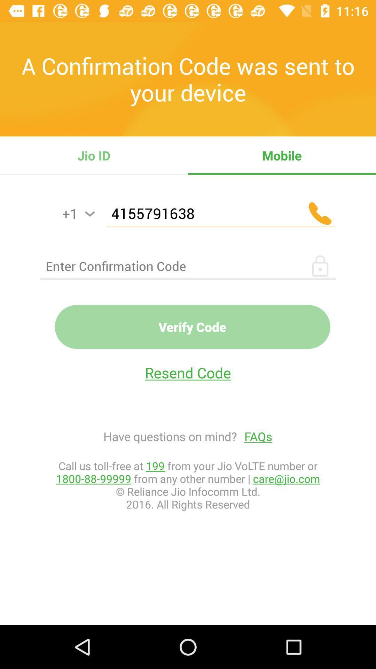 Image resolution: width=376 pixels, height=669 pixels. What do you see at coordinates (193, 326) in the screenshot?
I see `the item above the resend code icon` at bounding box center [193, 326].